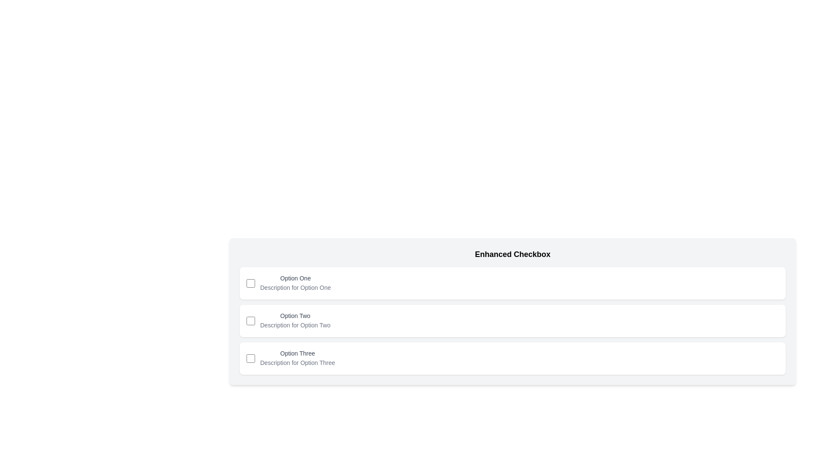  Describe the element at coordinates (295, 316) in the screenshot. I see `the text label displaying 'Option Two', which is the second item in a series of options, located between 'Option One' and 'Option Three'` at that location.